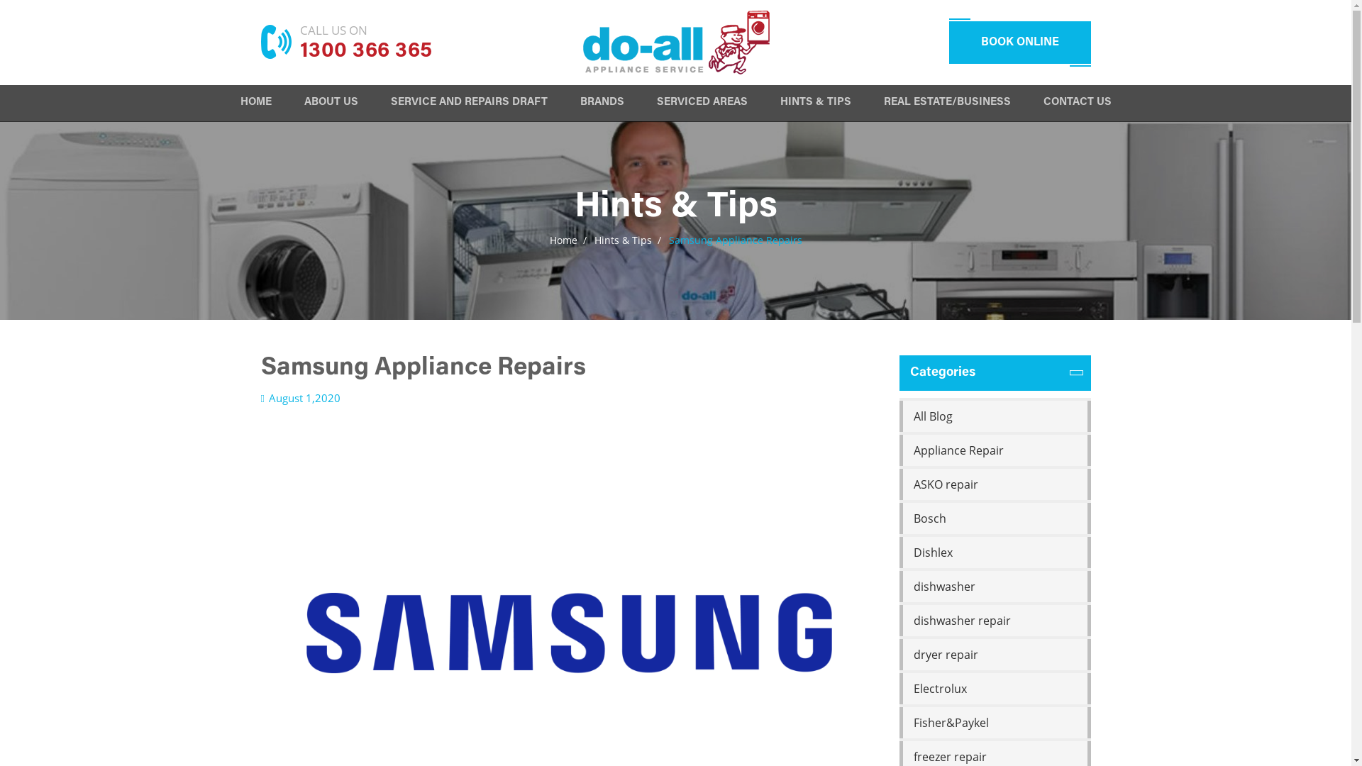 The height and width of the screenshot is (766, 1362). What do you see at coordinates (702, 104) in the screenshot?
I see `'SERVICED AREAS'` at bounding box center [702, 104].